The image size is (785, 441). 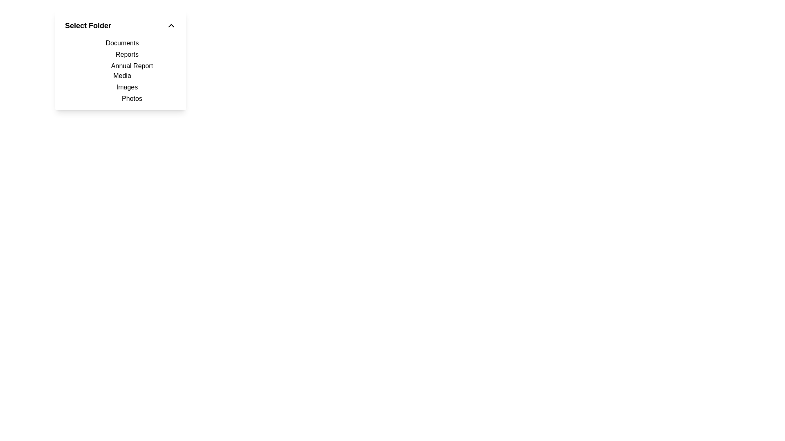 What do you see at coordinates (127, 97) in the screenshot?
I see `the 'Photos' label, which is styled with padding and appears below the 'Images' element in the dropdown menu labeled 'Select Folder'` at bounding box center [127, 97].